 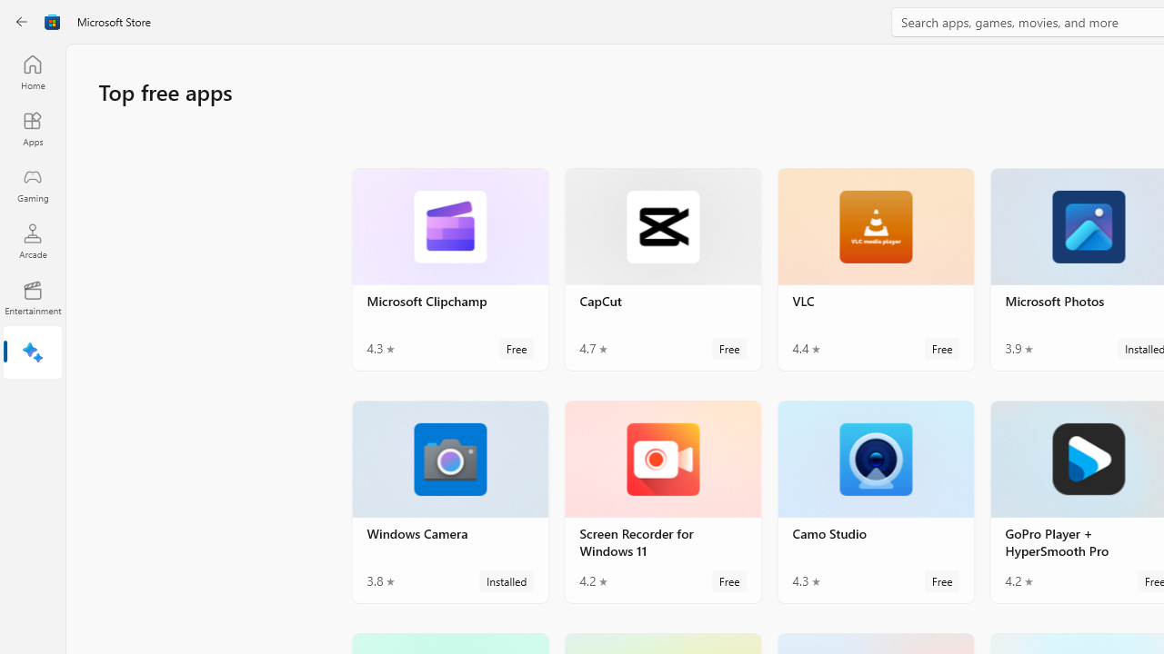 What do you see at coordinates (661, 269) in the screenshot?
I see `'CapCut. Average rating of 4.7 out of five stars. Free  '` at bounding box center [661, 269].